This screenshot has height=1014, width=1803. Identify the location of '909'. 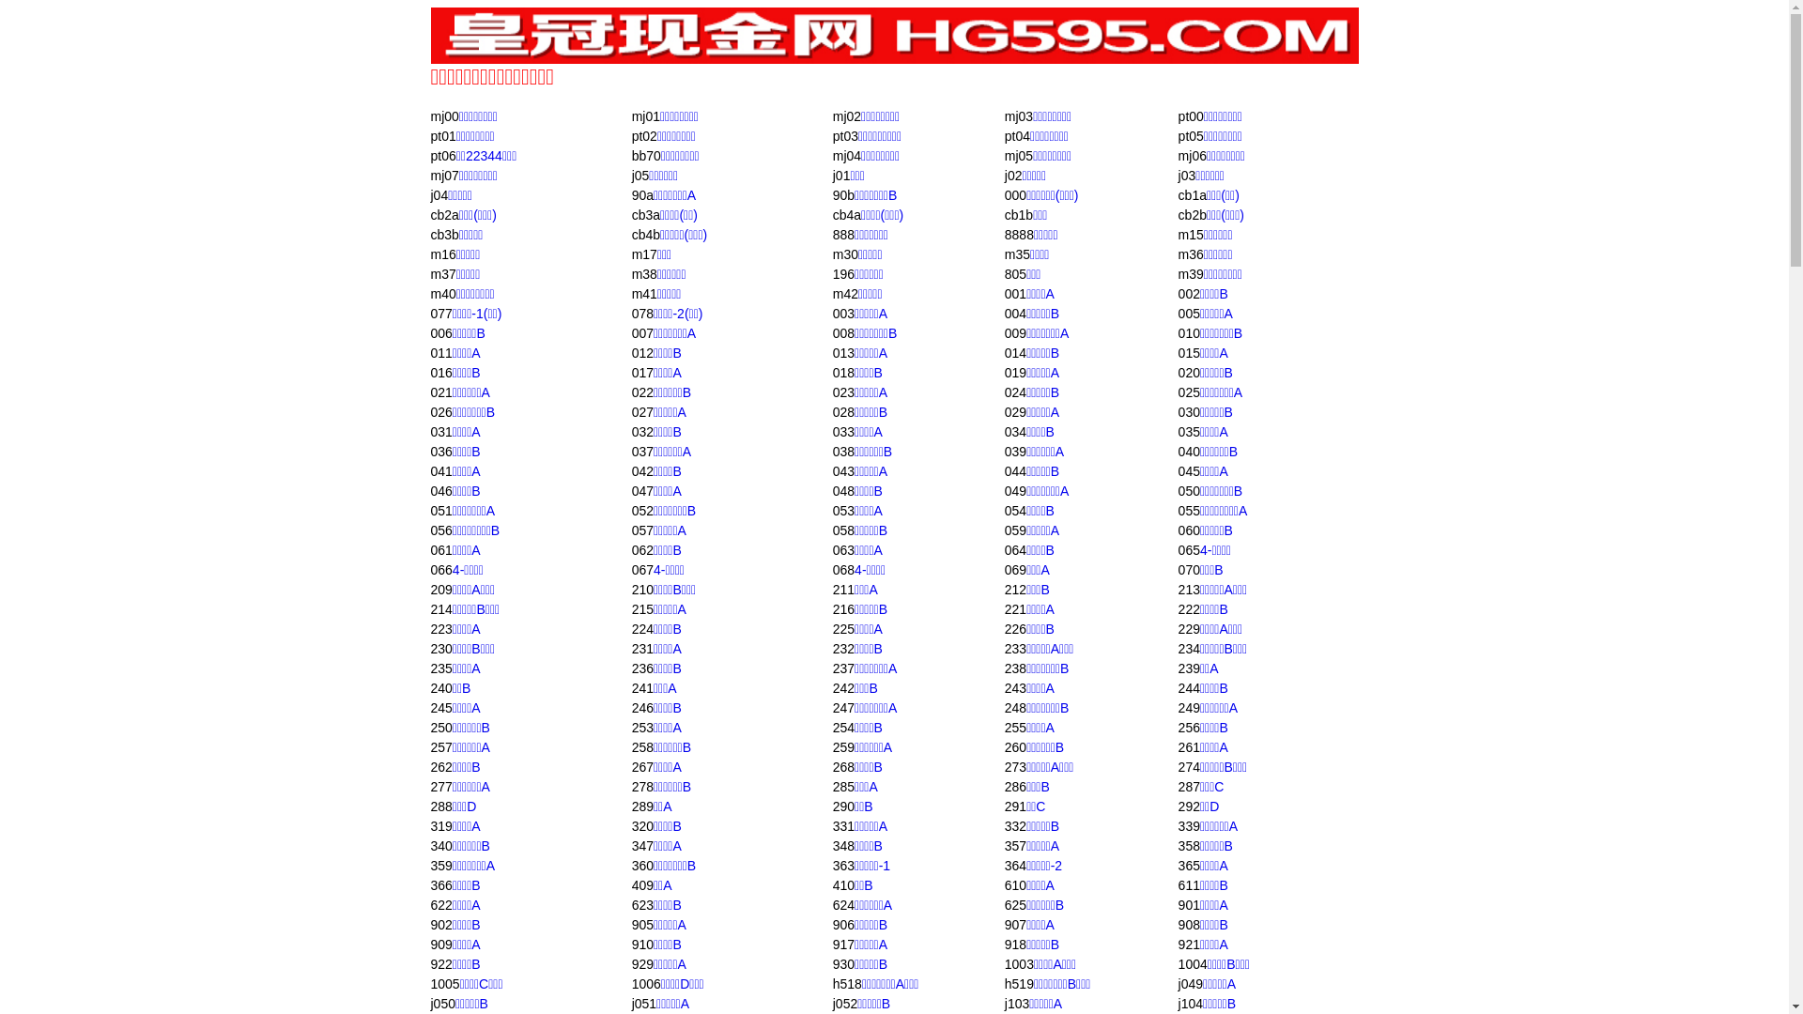
(439, 945).